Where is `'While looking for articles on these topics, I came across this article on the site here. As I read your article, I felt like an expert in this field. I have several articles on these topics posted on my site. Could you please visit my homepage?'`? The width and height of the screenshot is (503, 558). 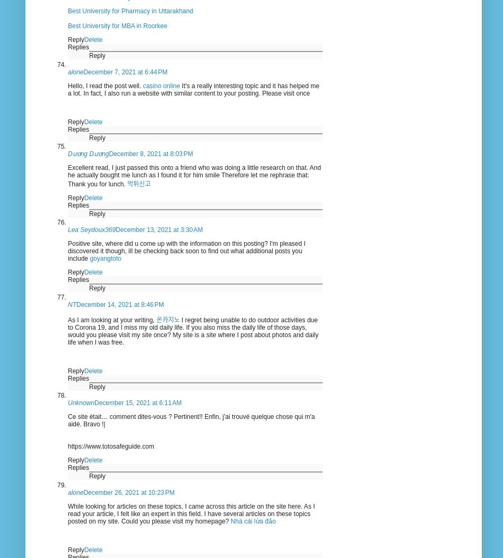 'While looking for articles on these topics, I came across this article on the site here. As I read your article, I felt like an expert in this field. I have several articles on these topics posted on my site. Could you please visit my homepage?' is located at coordinates (190, 513).